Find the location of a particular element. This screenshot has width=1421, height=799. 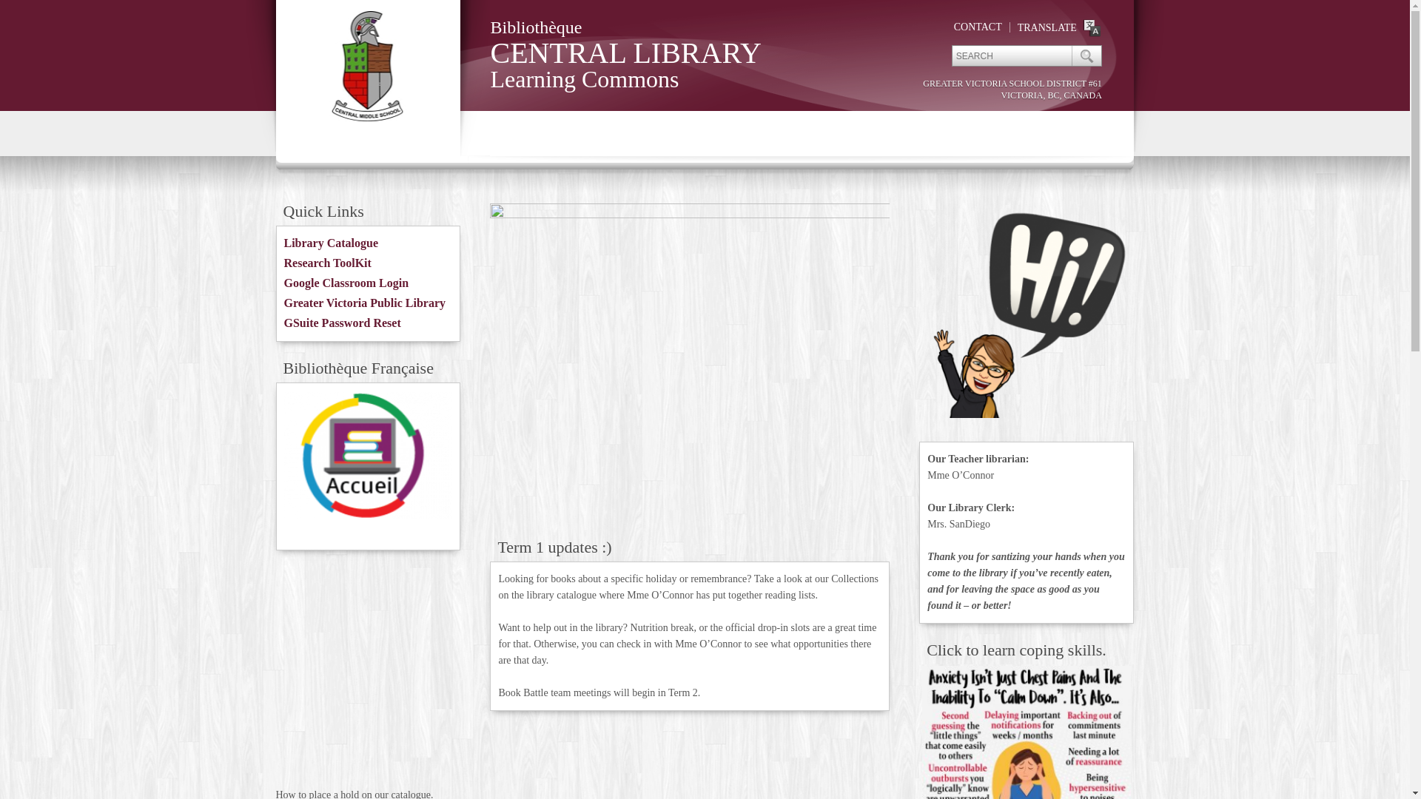

'Greater Victoria Public Library' is located at coordinates (365, 302).